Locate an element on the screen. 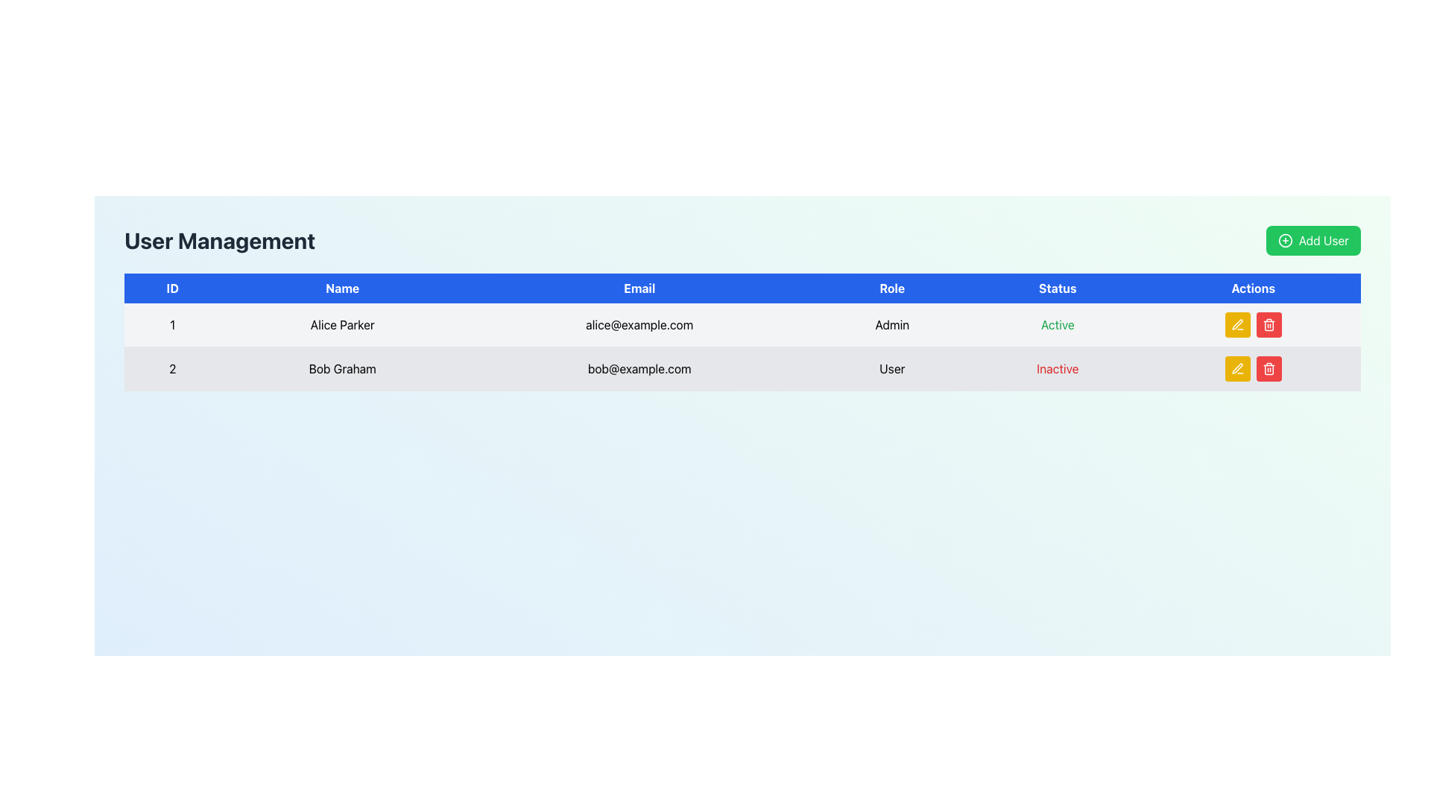  the edit button in the action controls for the 'Alice Parker' row in the 'User Management' table to initiate editing the entry is located at coordinates (1252, 324).